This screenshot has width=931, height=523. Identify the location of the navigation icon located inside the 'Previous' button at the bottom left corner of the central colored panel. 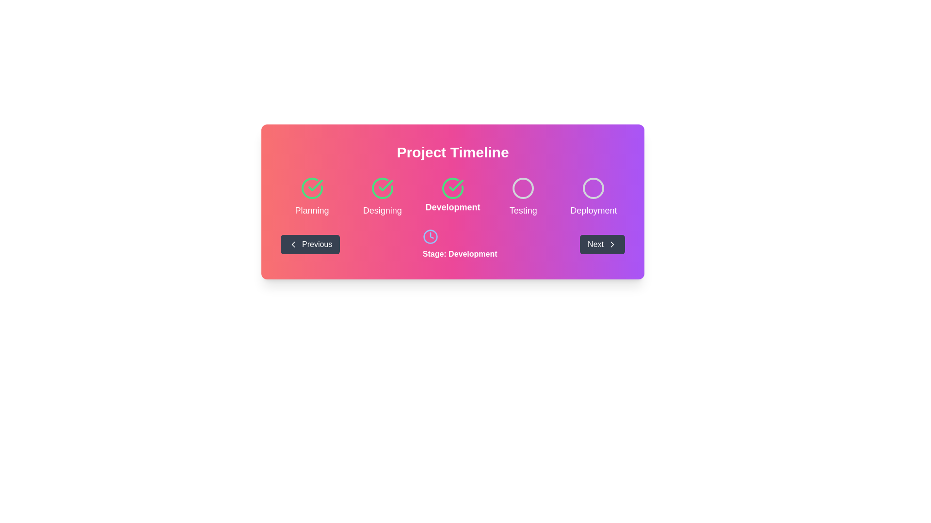
(292, 244).